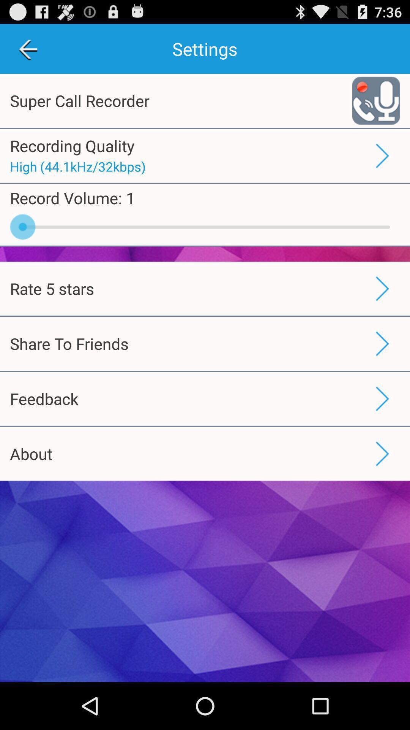 The height and width of the screenshot is (730, 410). What do you see at coordinates (27, 48) in the screenshot?
I see `previous` at bounding box center [27, 48].